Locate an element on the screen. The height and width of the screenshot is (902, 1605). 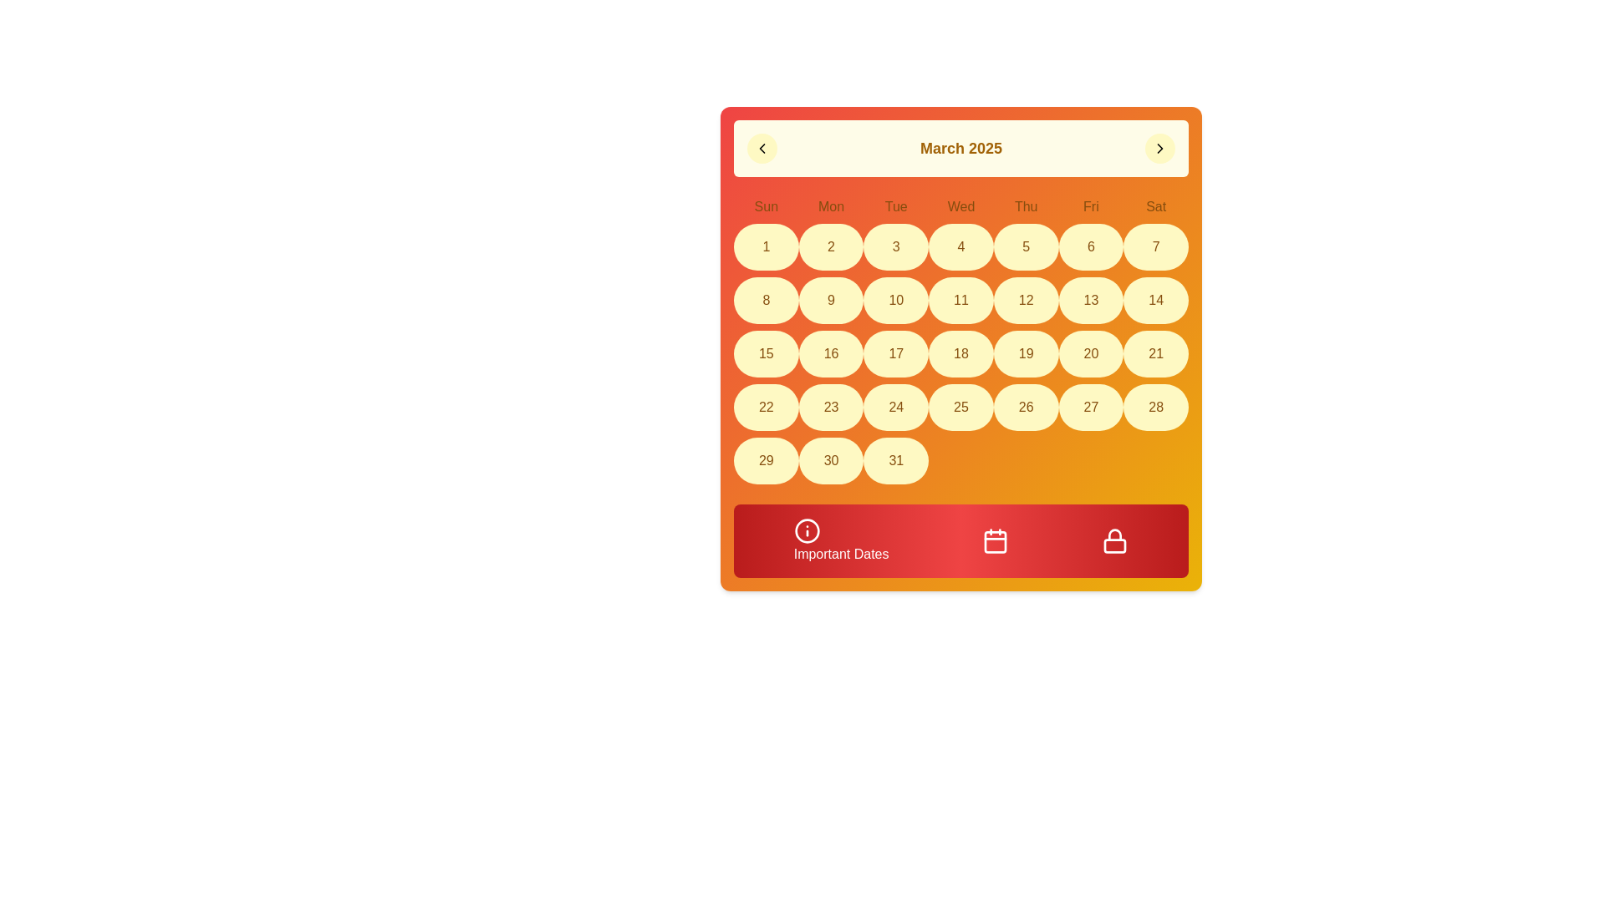
the button representing the second day of the month in the calendar interface is located at coordinates (831, 247).